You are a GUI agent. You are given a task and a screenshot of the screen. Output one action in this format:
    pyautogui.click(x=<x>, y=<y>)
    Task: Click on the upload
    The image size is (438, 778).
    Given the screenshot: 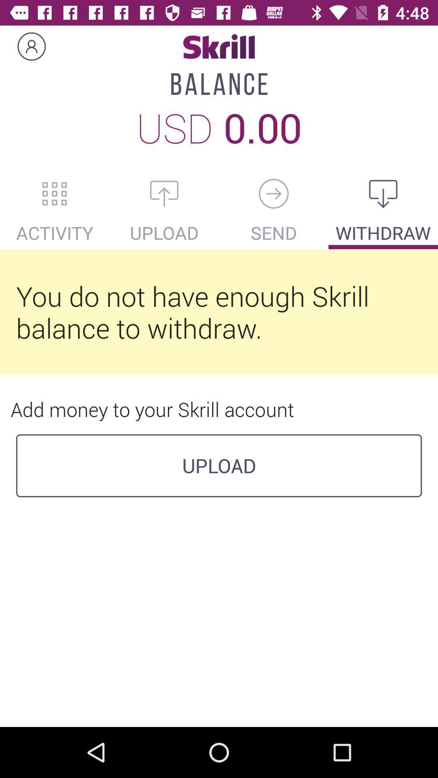 What is the action you would take?
    pyautogui.click(x=164, y=193)
    